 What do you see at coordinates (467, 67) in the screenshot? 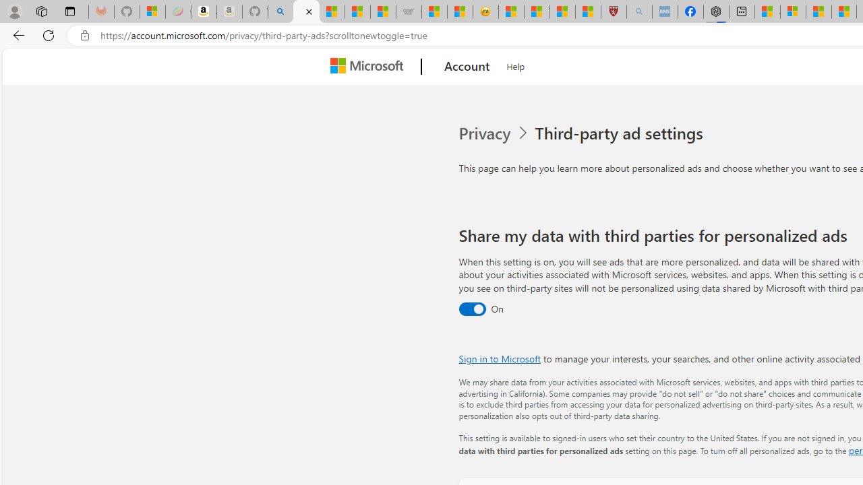
I see `'Account'` at bounding box center [467, 67].